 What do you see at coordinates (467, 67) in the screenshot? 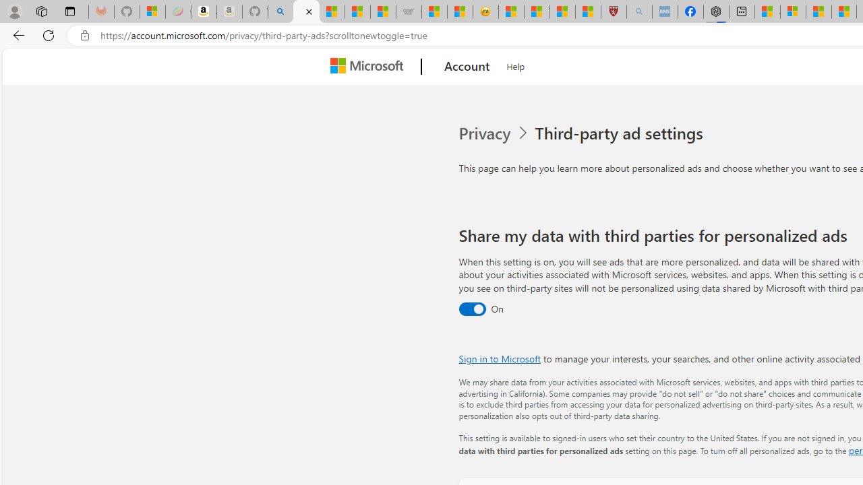
I see `'Account'` at bounding box center [467, 67].